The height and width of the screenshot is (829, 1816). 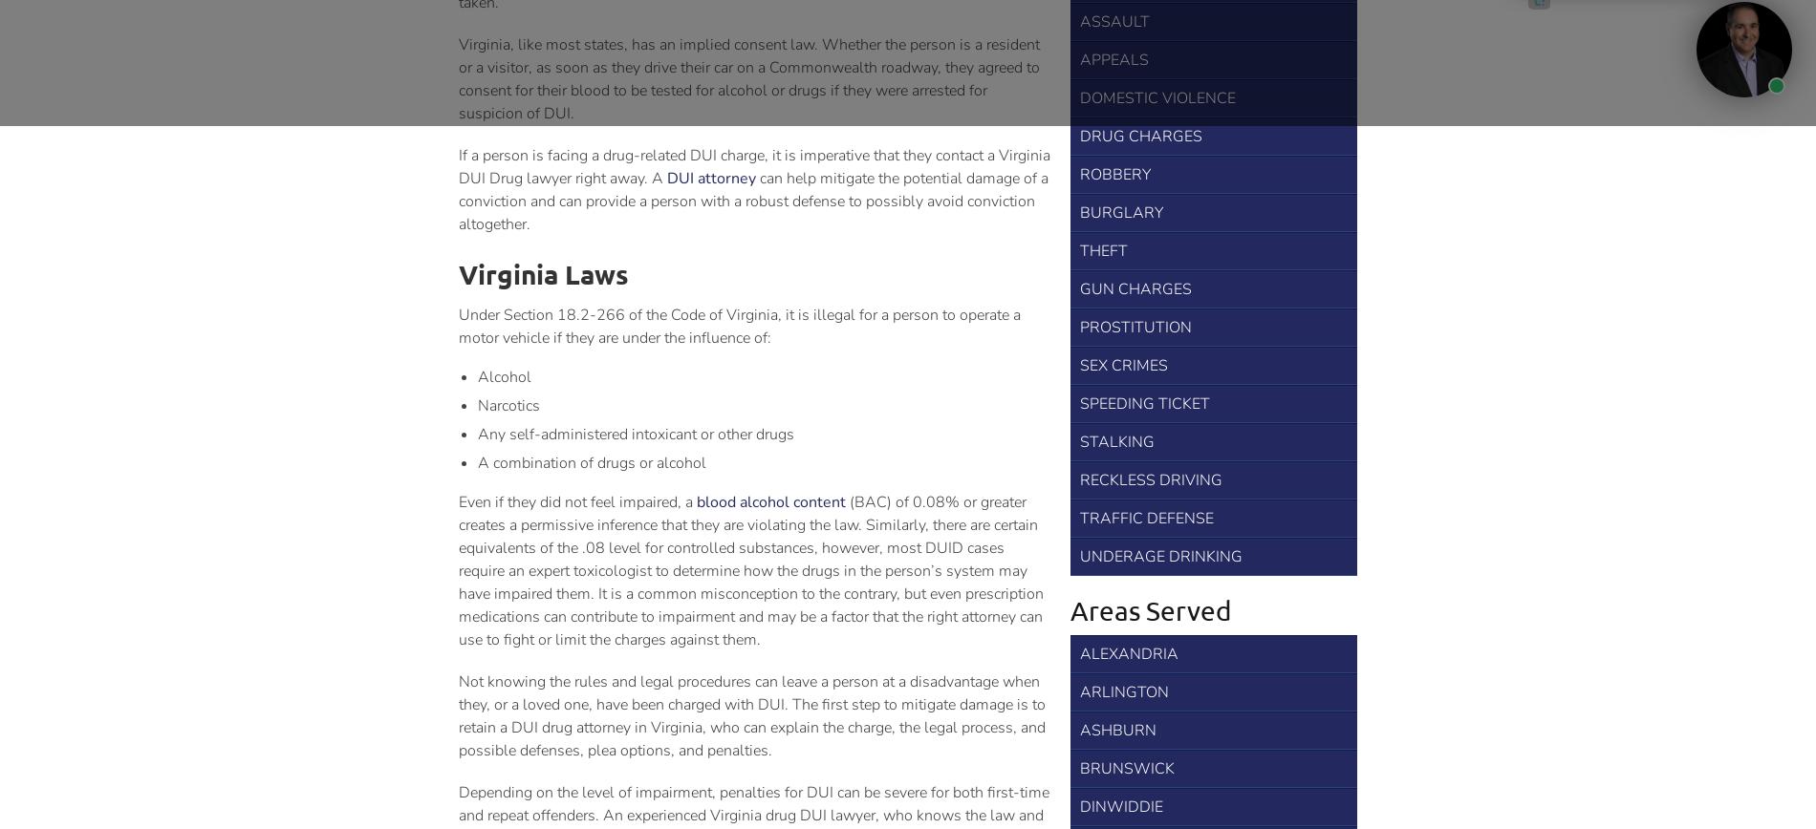 I want to click on 'Areas Served', so click(x=1070, y=610).